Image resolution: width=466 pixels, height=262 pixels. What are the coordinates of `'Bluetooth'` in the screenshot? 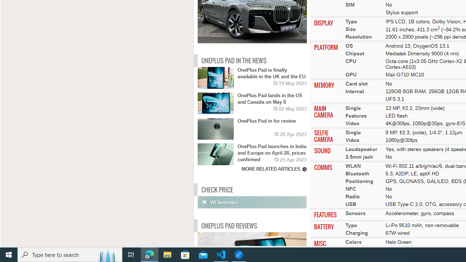 It's located at (357, 174).